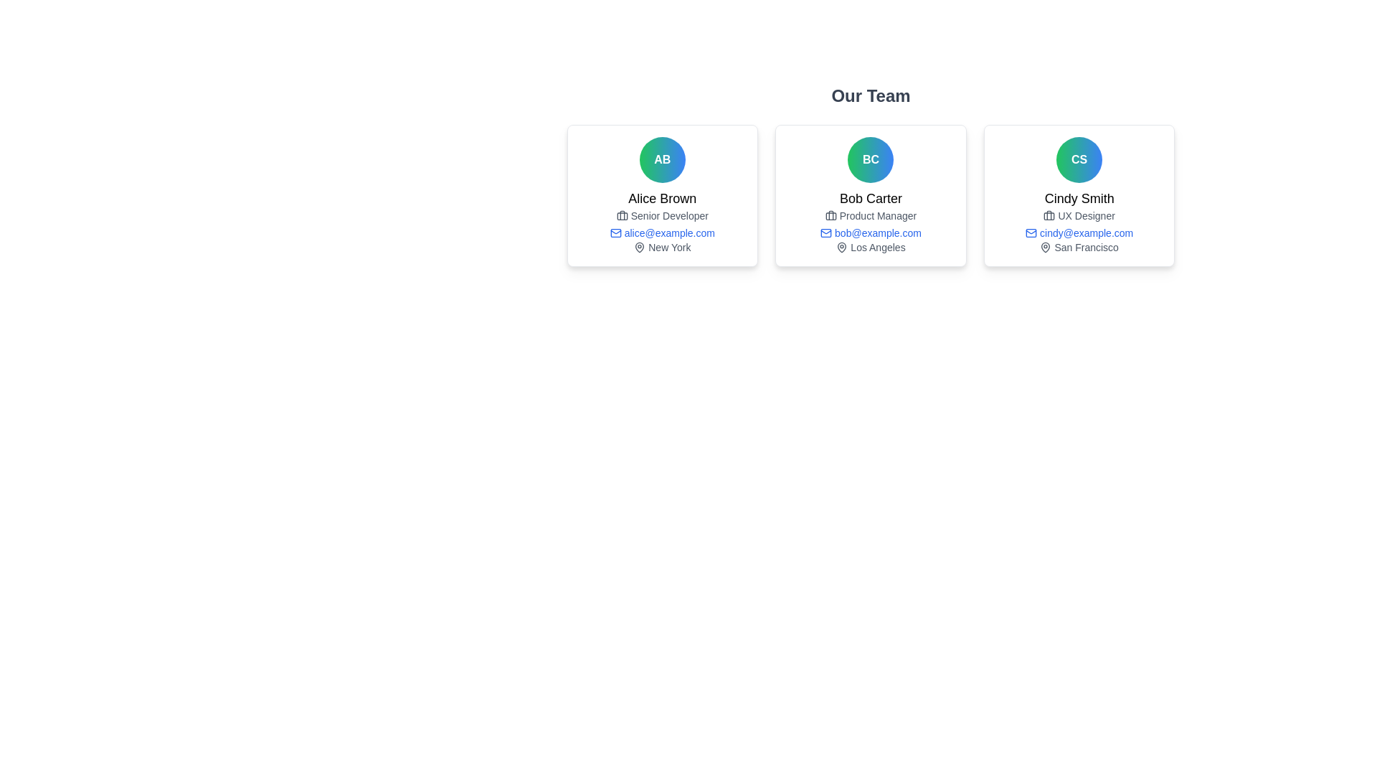 This screenshot has height=775, width=1377. What do you see at coordinates (870, 246) in the screenshot?
I see `the 'Los Angeles' text with map pin icon located at the bottom center of the card labeled 'Bob Carter'` at bounding box center [870, 246].